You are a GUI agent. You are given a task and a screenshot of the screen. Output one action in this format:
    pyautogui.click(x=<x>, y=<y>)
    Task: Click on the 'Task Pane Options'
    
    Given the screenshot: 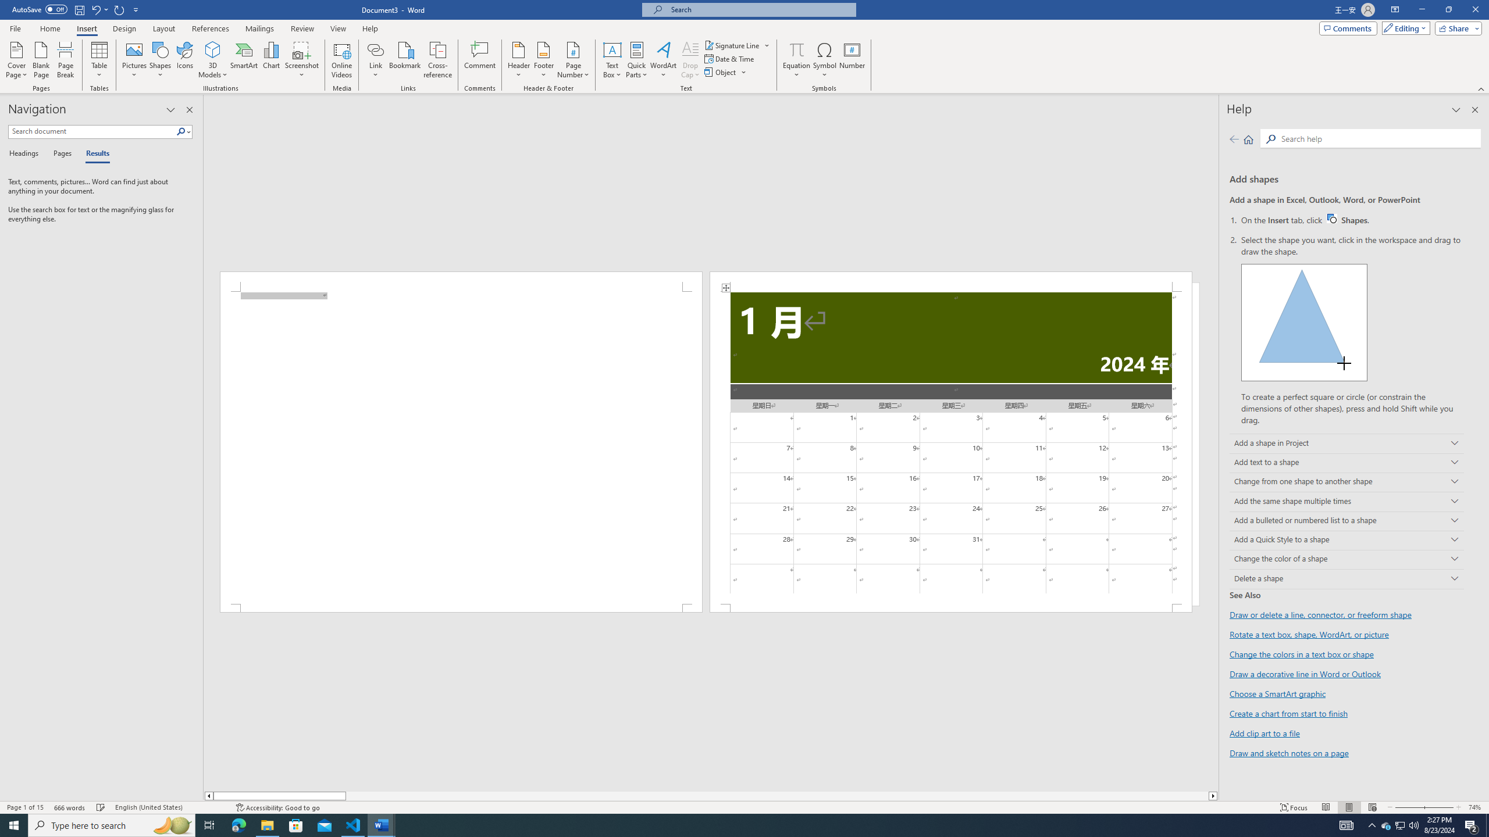 What is the action you would take?
    pyautogui.click(x=170, y=109)
    